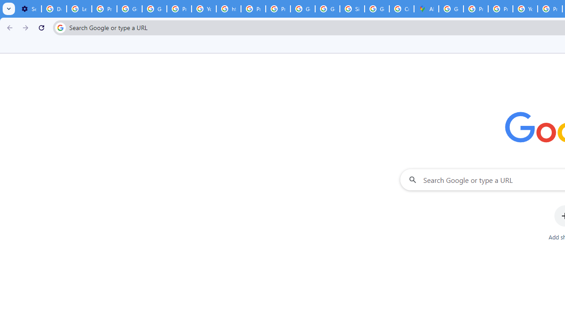 This screenshot has height=318, width=565. I want to click on 'Delete photos & videos - Computer - Google Photos Help', so click(53, 9).